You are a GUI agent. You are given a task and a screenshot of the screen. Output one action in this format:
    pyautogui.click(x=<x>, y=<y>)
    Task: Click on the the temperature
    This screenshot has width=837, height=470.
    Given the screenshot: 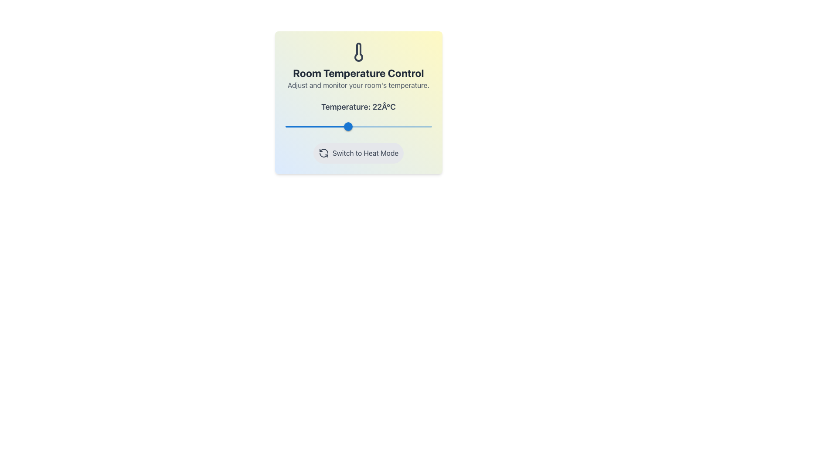 What is the action you would take?
    pyautogui.click(x=347, y=126)
    